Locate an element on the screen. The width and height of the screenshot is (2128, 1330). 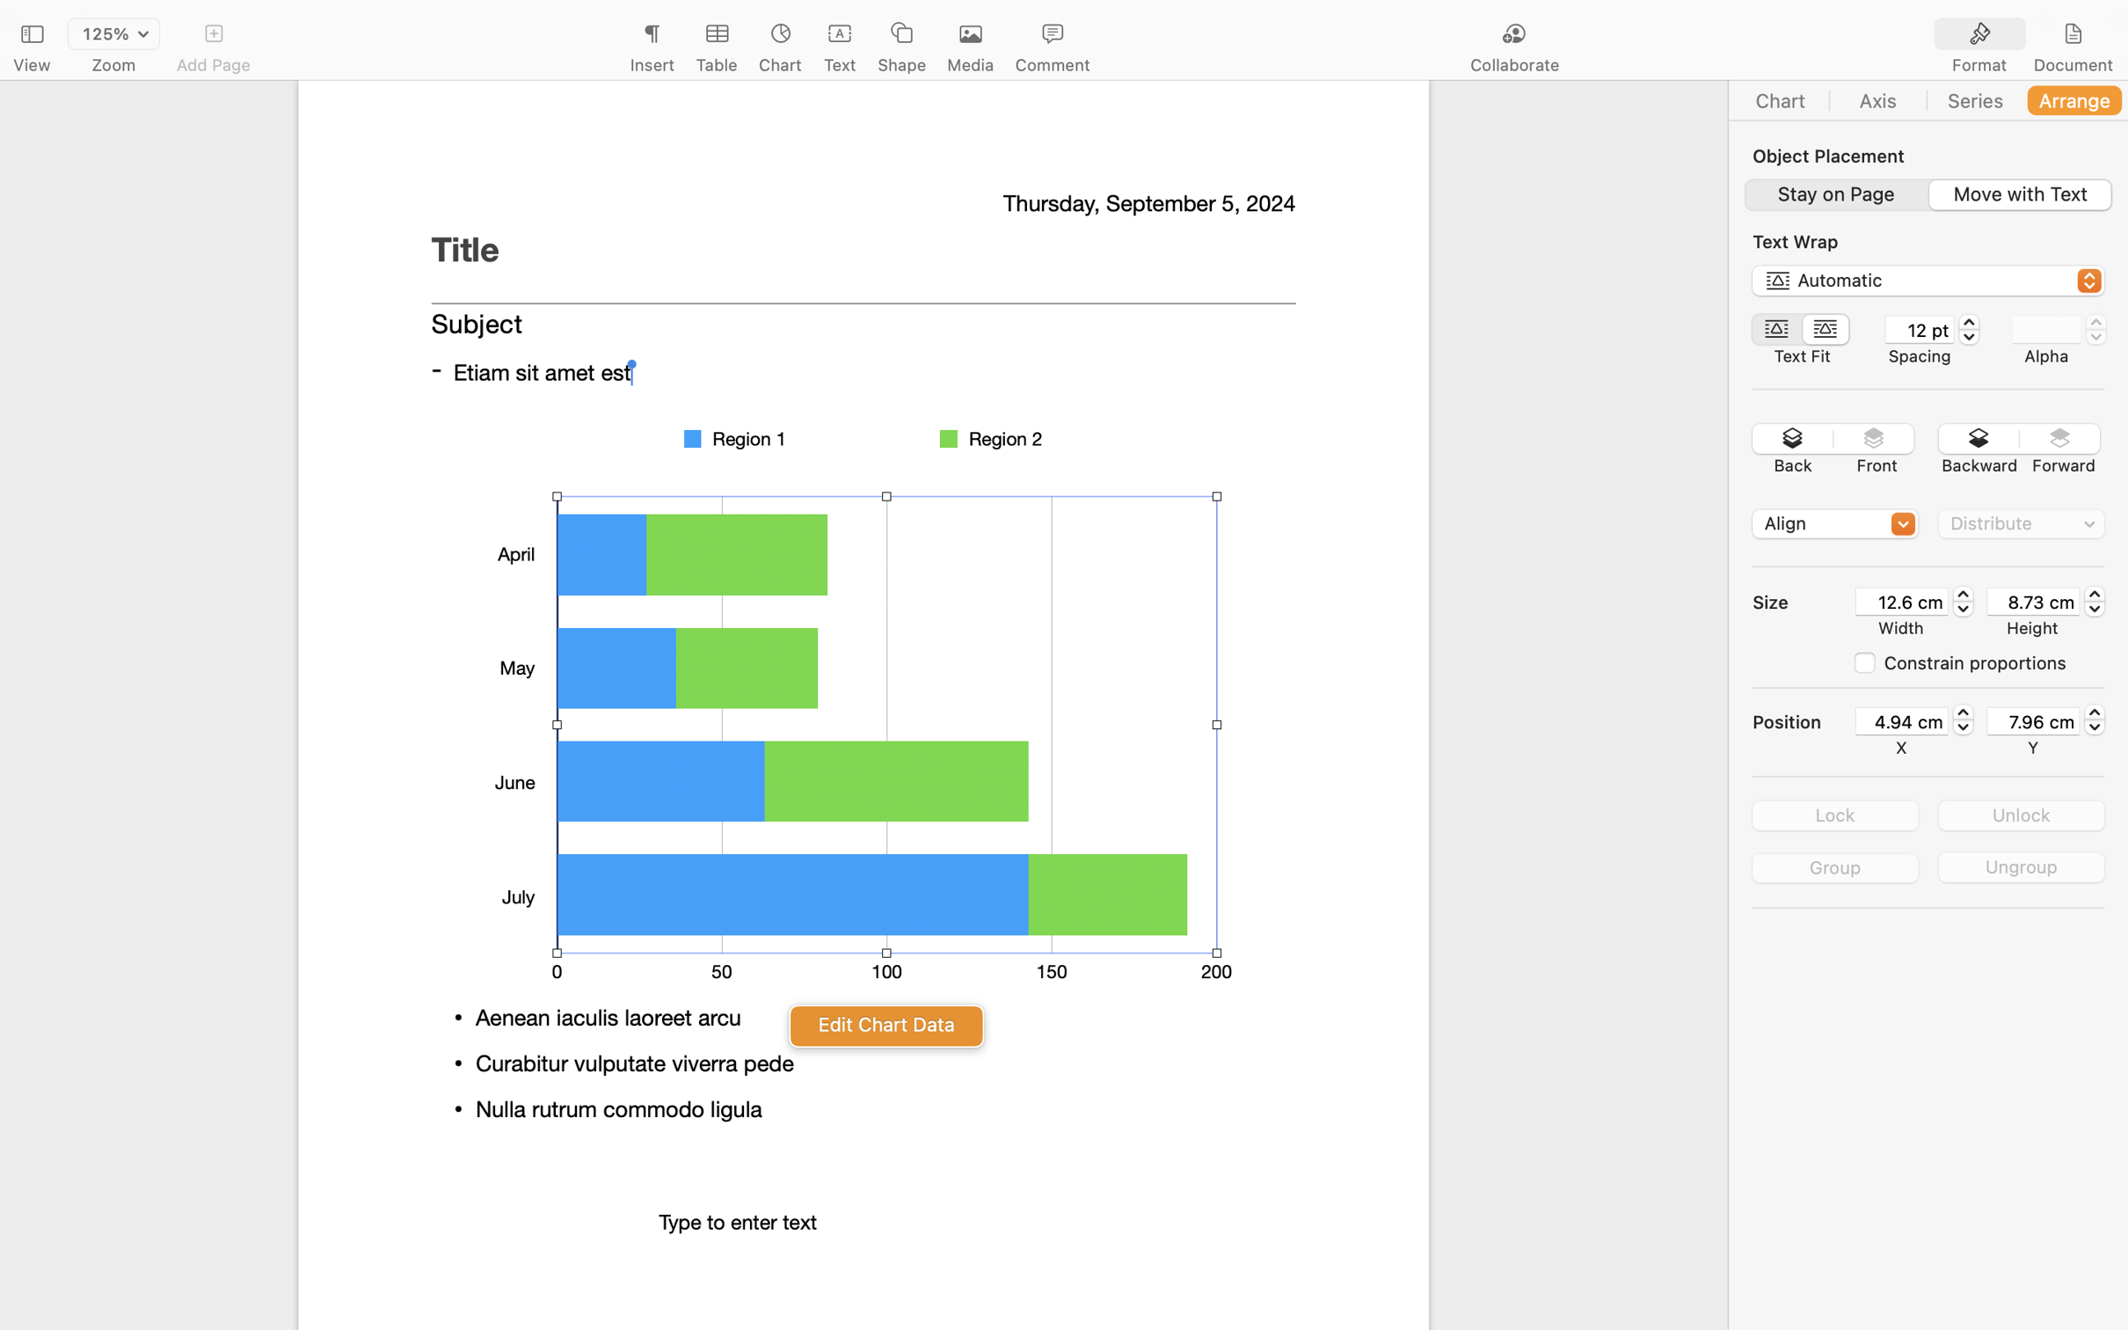
'Automatic' is located at coordinates (1929, 283).